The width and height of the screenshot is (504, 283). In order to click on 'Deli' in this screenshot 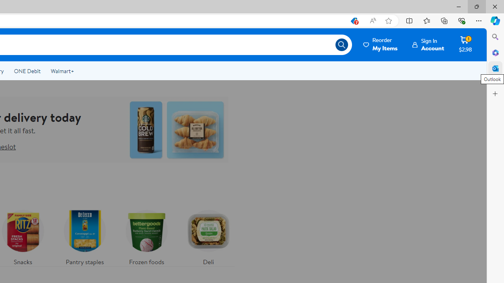, I will do `click(208, 235)`.